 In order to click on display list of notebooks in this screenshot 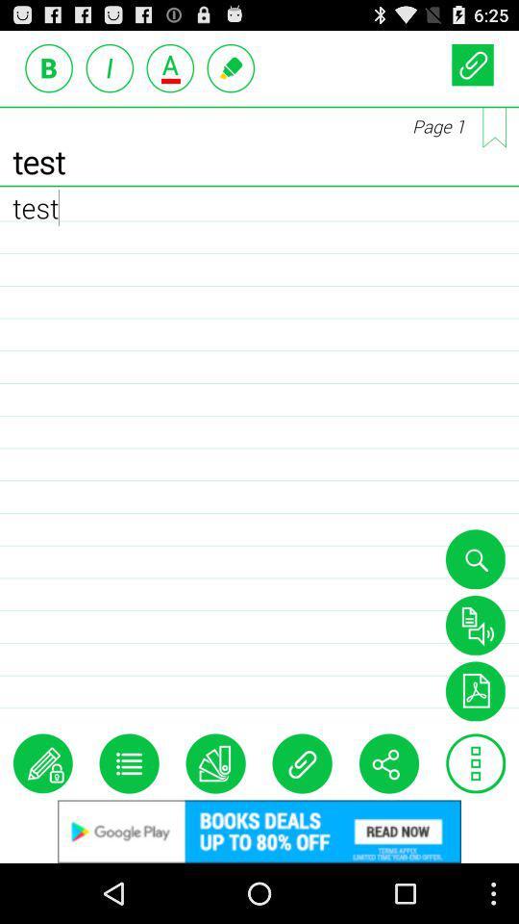, I will do `click(129, 763)`.